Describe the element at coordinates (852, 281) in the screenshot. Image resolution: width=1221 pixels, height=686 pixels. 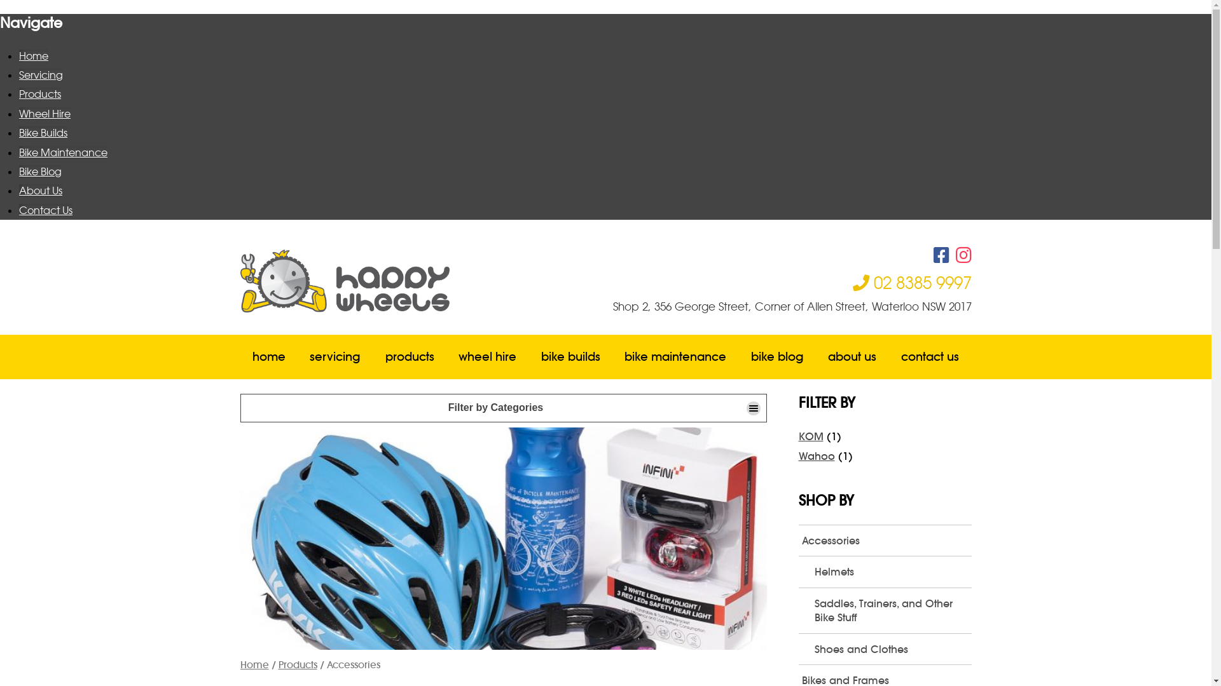
I see `'02 8385 9997'` at that location.